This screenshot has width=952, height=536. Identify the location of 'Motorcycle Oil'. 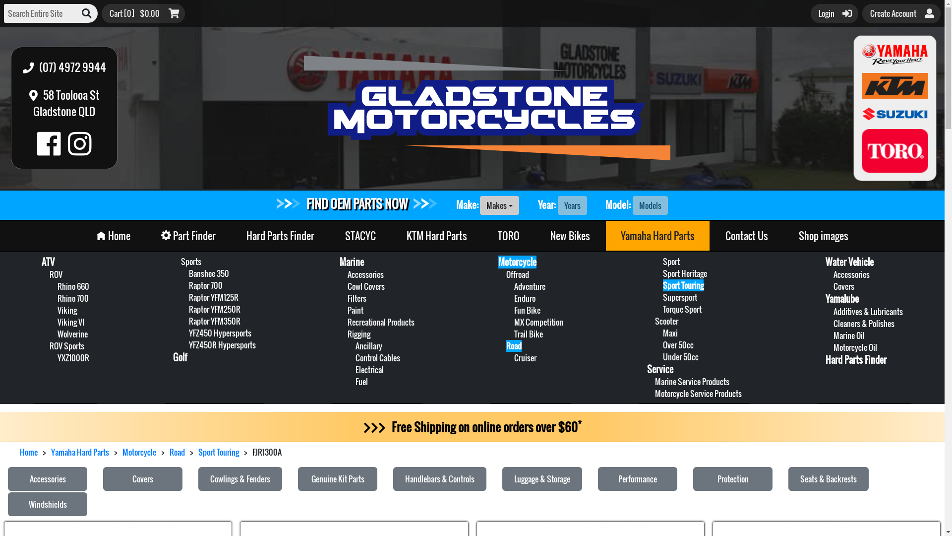
(854, 346).